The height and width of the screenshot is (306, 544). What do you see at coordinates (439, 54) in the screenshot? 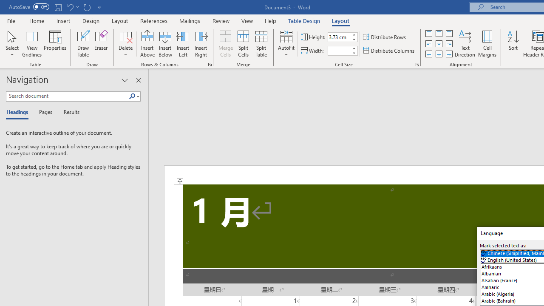
I see `'Align Bottom Center'` at bounding box center [439, 54].